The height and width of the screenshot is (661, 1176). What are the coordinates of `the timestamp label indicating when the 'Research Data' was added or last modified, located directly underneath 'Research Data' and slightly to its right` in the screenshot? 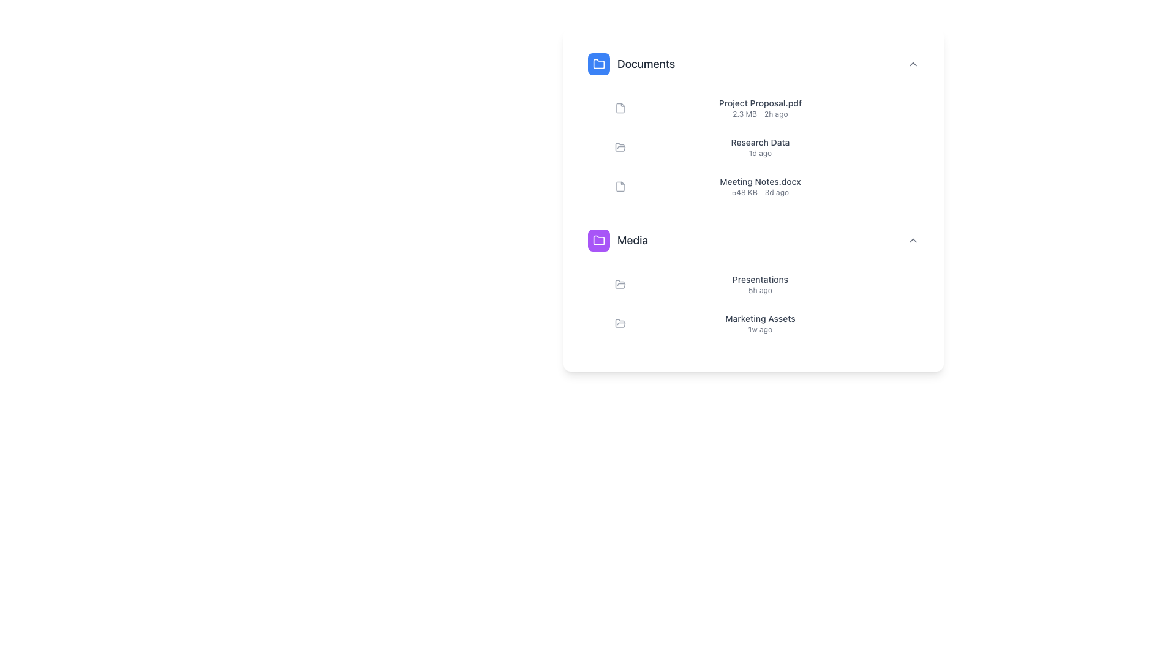 It's located at (759, 152).